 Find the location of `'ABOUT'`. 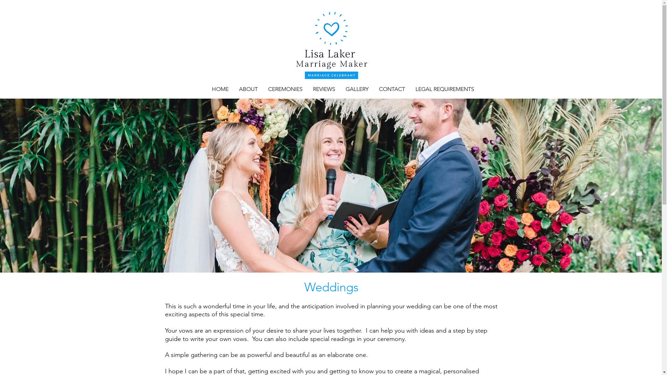

'ABOUT' is located at coordinates (248, 89).